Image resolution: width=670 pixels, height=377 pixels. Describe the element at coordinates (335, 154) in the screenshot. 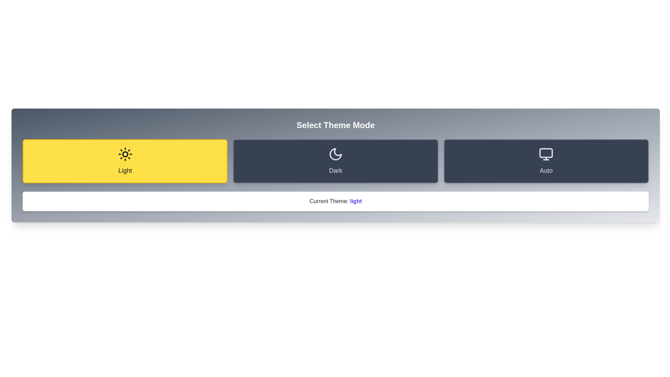

I see `the SVG icon representing a crescent moon, which is located at the top center of the 'Dark' card in the second card of a horizontal set of three cards` at that location.